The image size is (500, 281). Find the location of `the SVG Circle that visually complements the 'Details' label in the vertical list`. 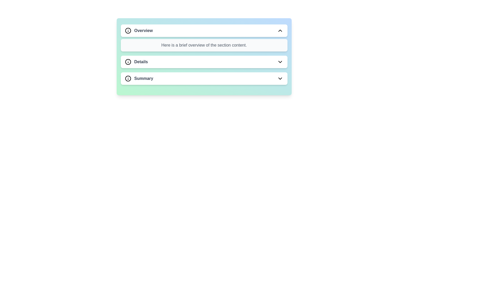

the SVG Circle that visually complements the 'Details' label in the vertical list is located at coordinates (128, 62).